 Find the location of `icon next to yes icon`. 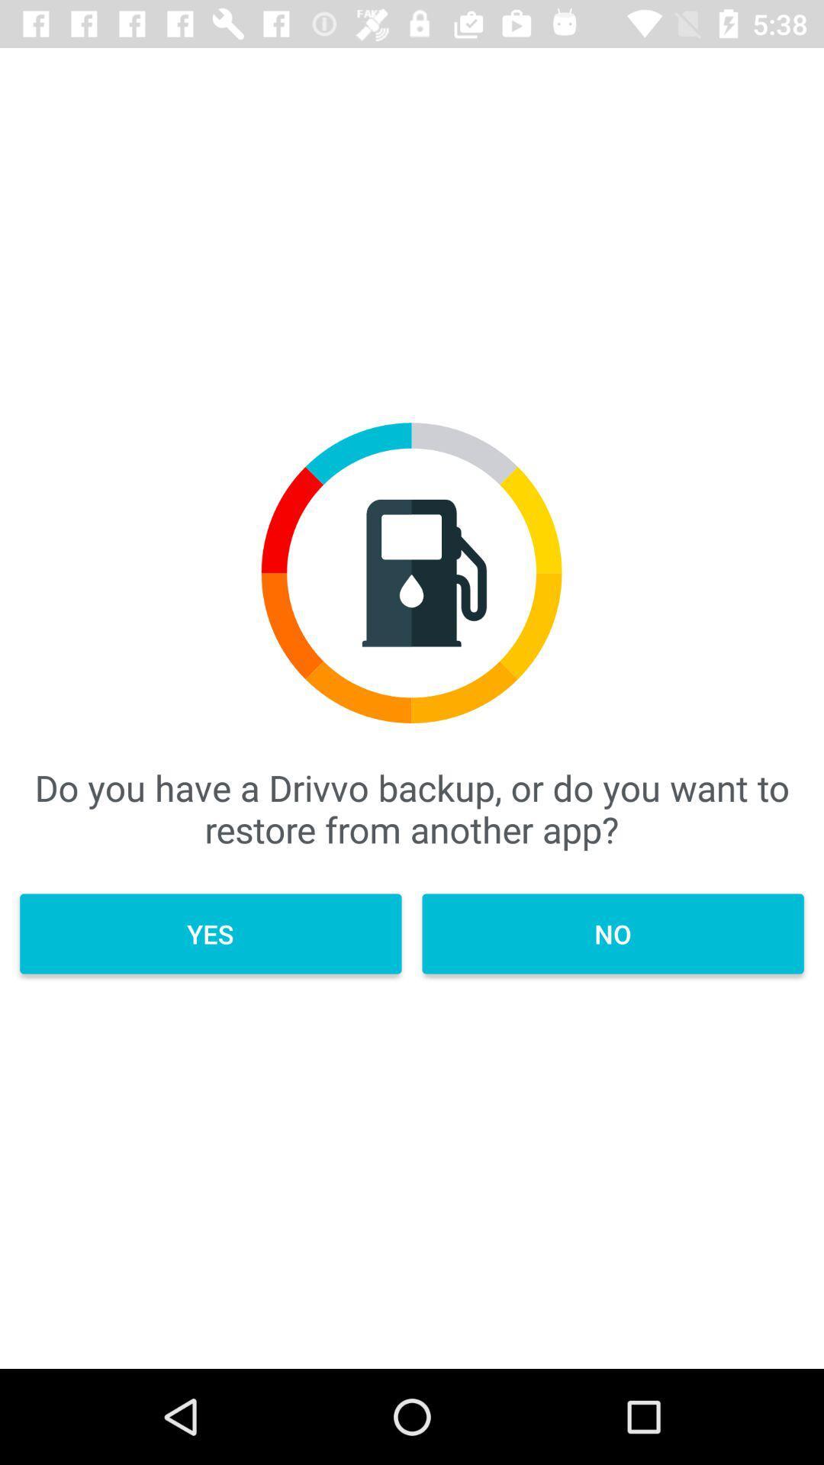

icon next to yes icon is located at coordinates (612, 933).